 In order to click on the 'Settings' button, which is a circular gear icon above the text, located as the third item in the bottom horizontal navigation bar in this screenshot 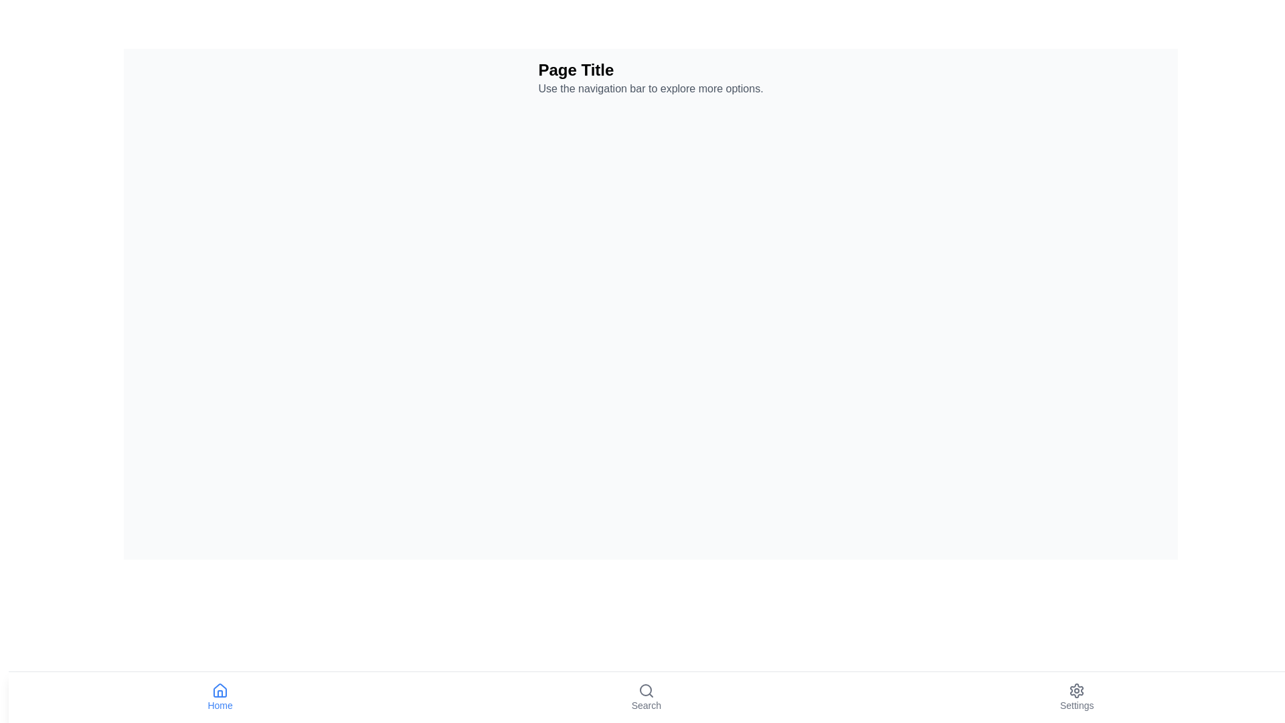, I will do `click(1077, 696)`.